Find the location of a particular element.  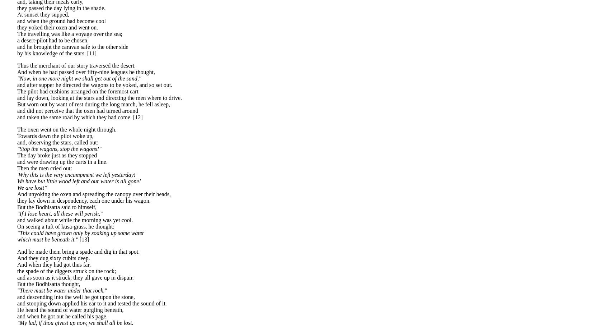

''Why this is the  very encampment  we left yesterday!' is located at coordinates (76, 174).